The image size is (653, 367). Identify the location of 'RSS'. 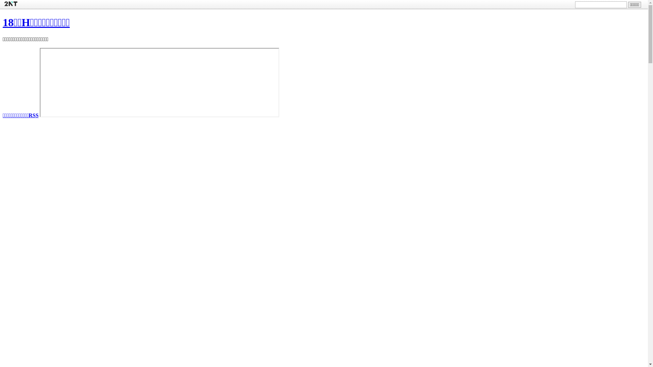
(33, 115).